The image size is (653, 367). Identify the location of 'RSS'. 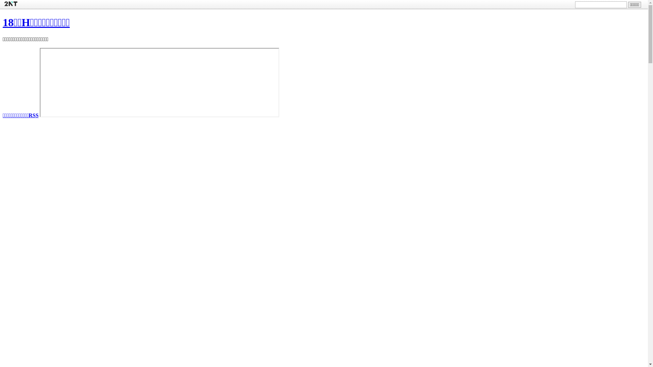
(33, 115).